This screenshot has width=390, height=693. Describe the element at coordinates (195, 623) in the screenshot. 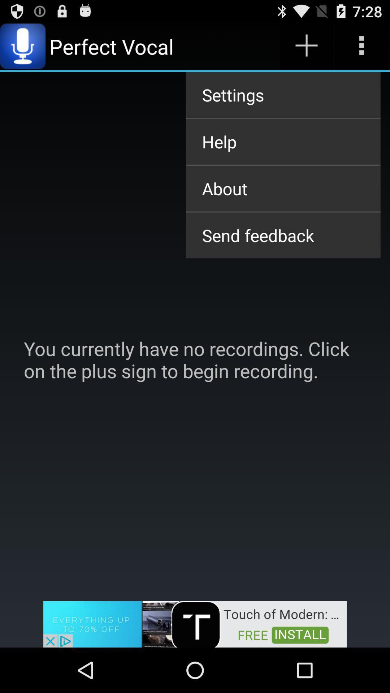

I see `the app` at that location.